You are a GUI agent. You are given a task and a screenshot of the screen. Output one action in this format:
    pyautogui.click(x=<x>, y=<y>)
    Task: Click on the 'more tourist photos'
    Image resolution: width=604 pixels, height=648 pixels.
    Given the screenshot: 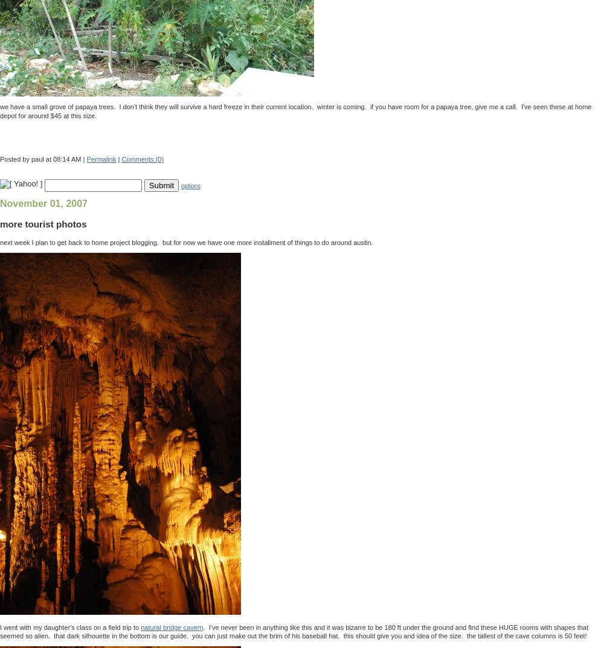 What is the action you would take?
    pyautogui.click(x=42, y=223)
    